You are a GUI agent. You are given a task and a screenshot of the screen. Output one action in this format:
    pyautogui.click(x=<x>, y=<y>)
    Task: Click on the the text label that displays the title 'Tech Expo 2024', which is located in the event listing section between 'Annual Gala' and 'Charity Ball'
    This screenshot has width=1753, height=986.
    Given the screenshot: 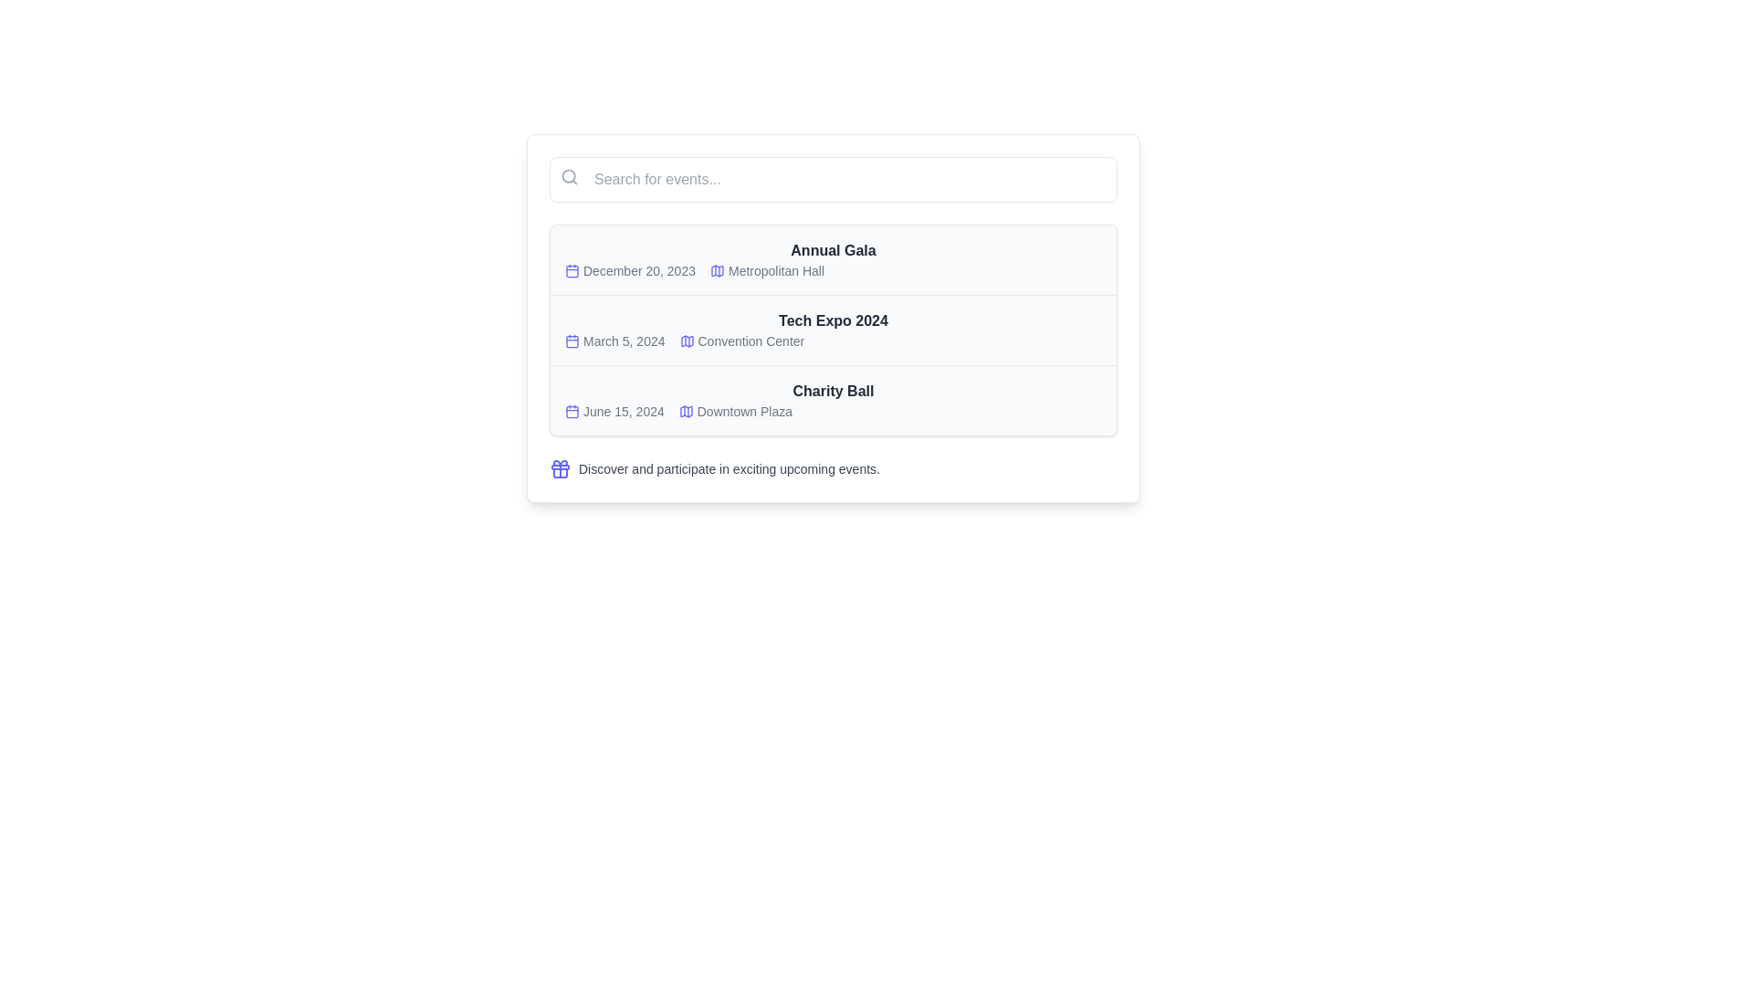 What is the action you would take?
    pyautogui.click(x=832, y=320)
    